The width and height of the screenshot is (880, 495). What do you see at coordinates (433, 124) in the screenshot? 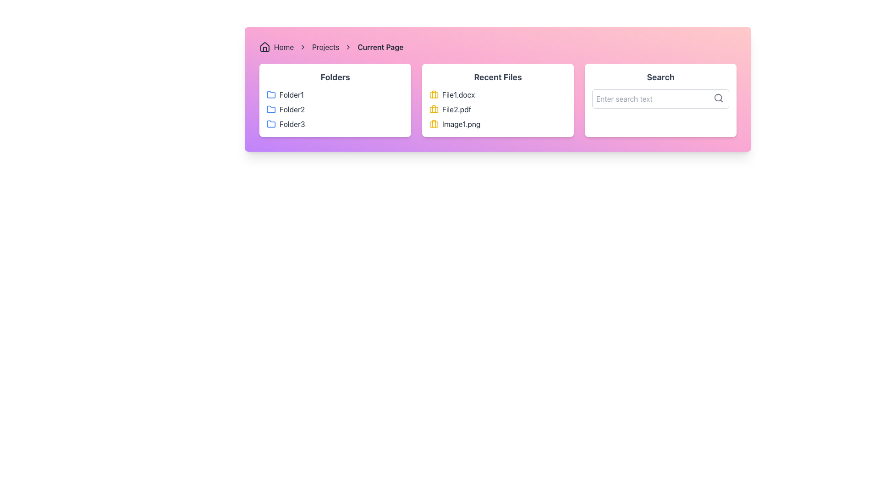
I see `the yellow briefcase-like icon located to the left of the text 'Image1.png' in the 'Recent Files' section on the third card from the left` at bounding box center [433, 124].